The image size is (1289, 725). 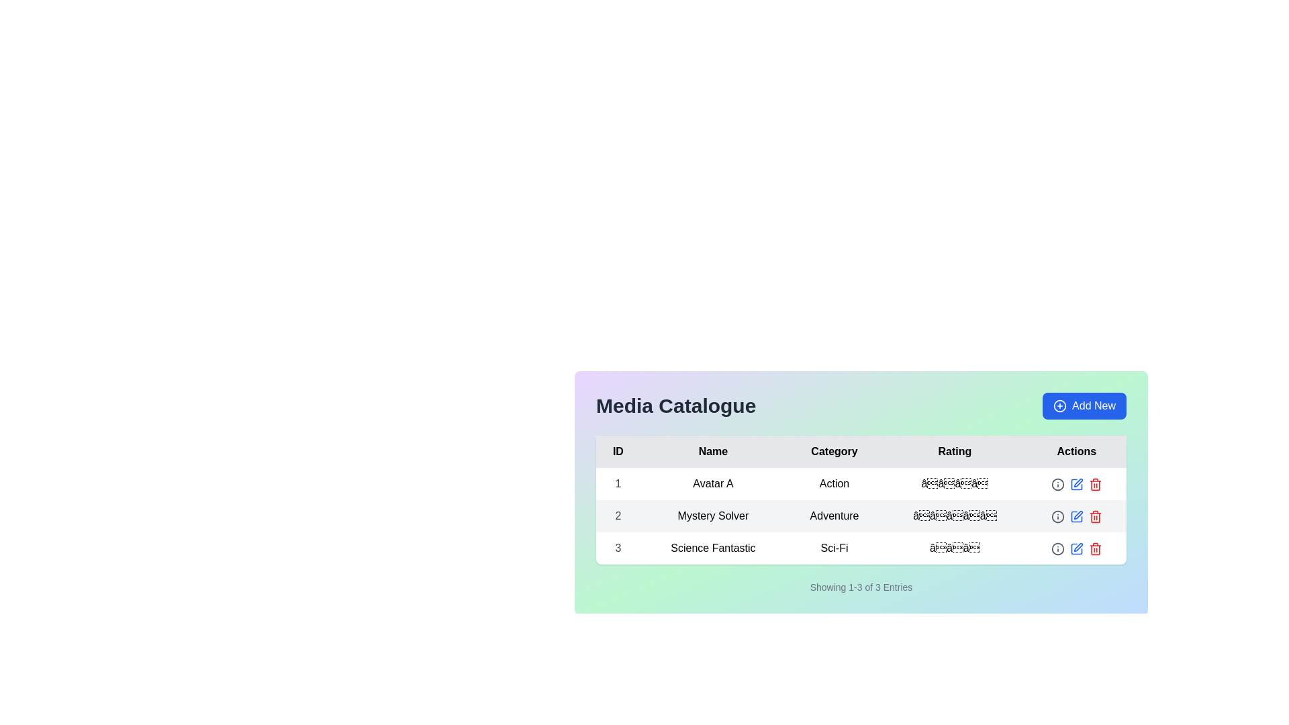 What do you see at coordinates (1076, 484) in the screenshot?
I see `the first SVG graphical element in the 'Actions' column associated with the 'Science Fantastic' entry` at bounding box center [1076, 484].